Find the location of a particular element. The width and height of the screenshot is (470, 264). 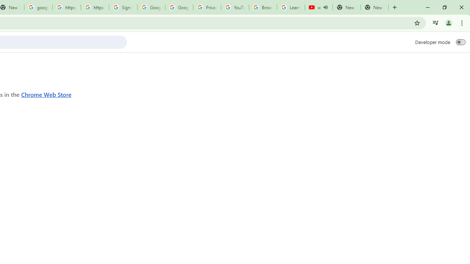

'Sign in - Google Accounts' is located at coordinates (123, 7).